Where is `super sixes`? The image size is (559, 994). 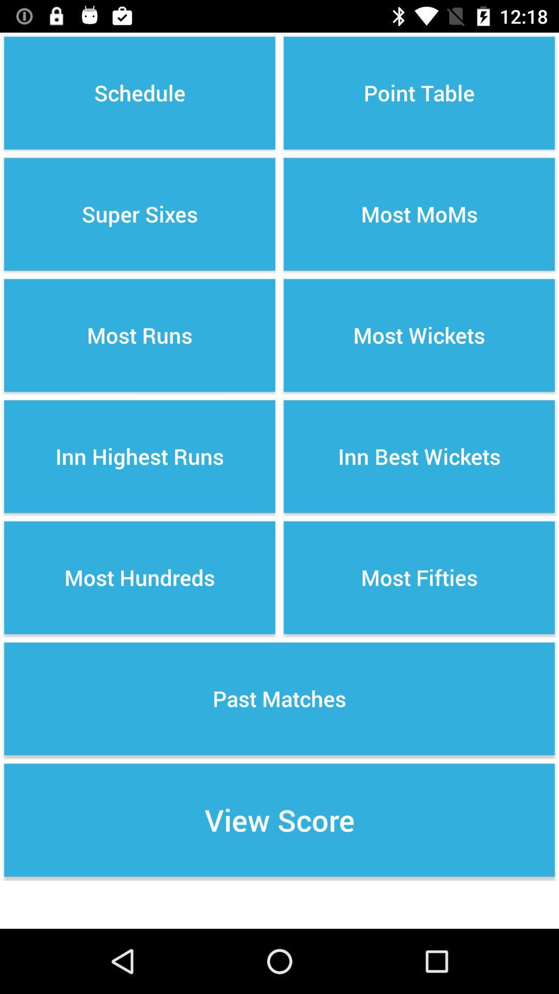 super sixes is located at coordinates (140, 213).